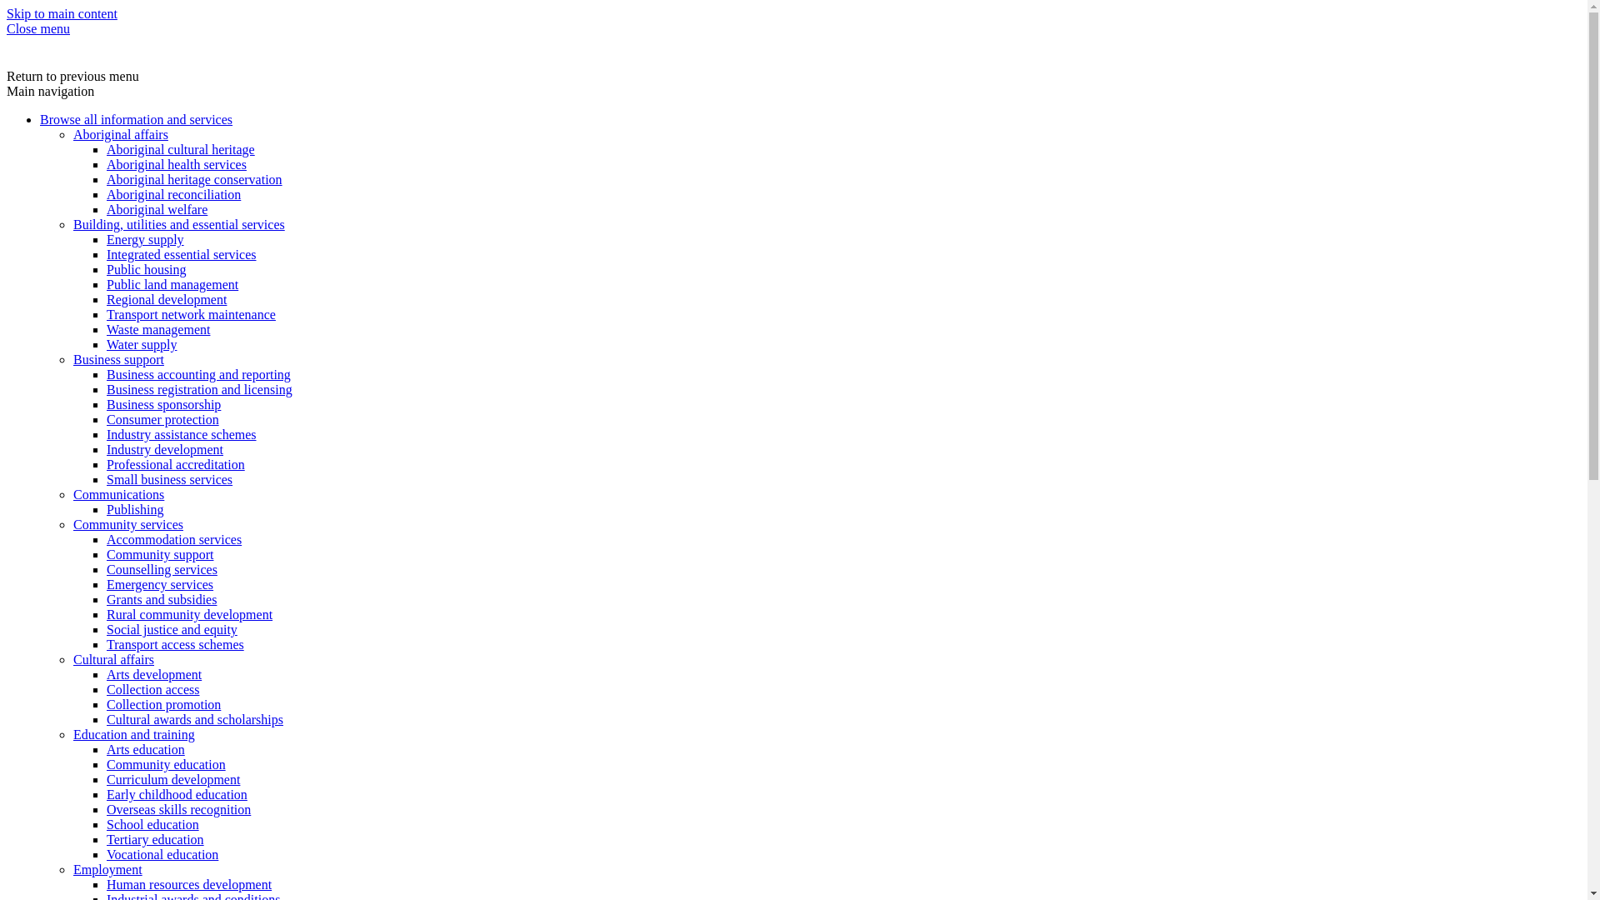 The width and height of the screenshot is (1600, 900). What do you see at coordinates (7, 13) in the screenshot?
I see `'Skip to main content'` at bounding box center [7, 13].